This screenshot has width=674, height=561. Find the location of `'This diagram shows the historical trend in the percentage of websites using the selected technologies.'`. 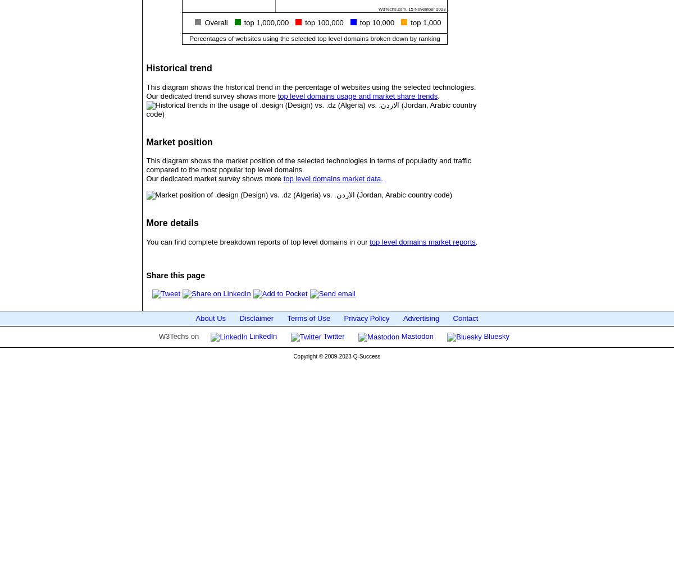

'This diagram shows the historical trend in the percentage of websites using the selected technologies.' is located at coordinates (145, 86).